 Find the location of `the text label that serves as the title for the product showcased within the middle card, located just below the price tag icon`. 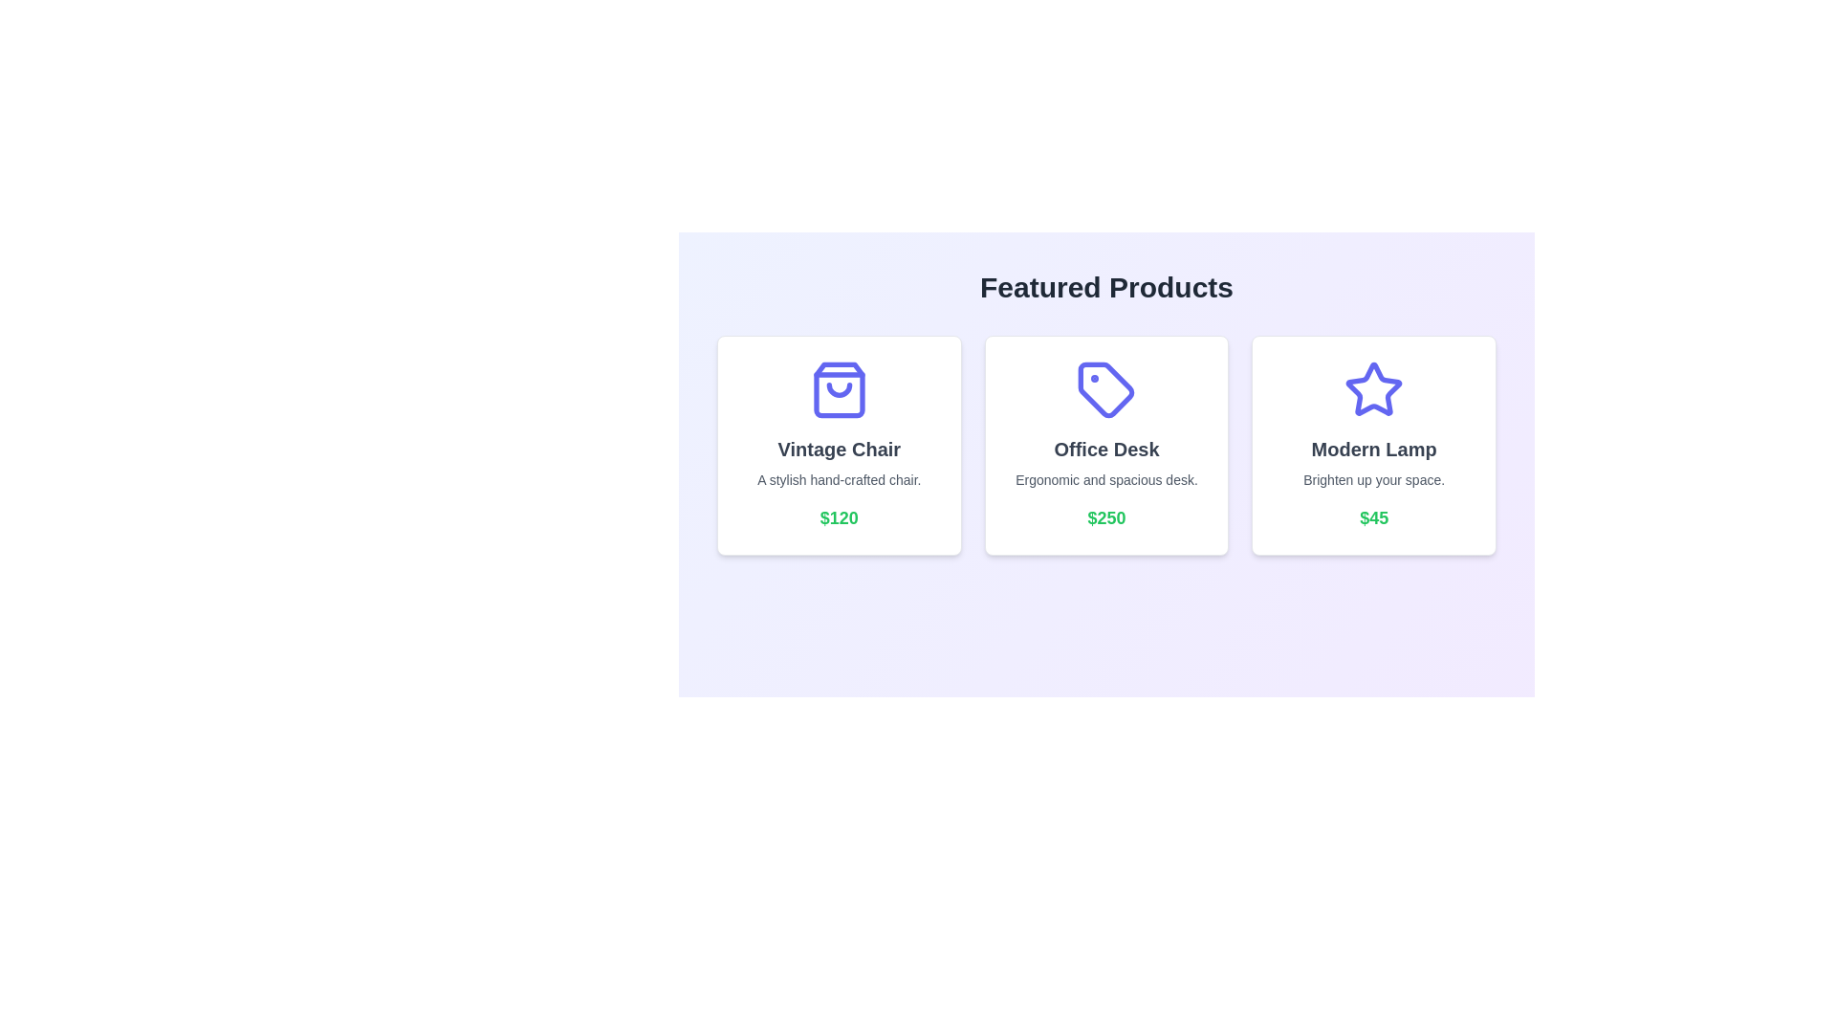

the text label that serves as the title for the product showcased within the middle card, located just below the price tag icon is located at coordinates (1106, 450).